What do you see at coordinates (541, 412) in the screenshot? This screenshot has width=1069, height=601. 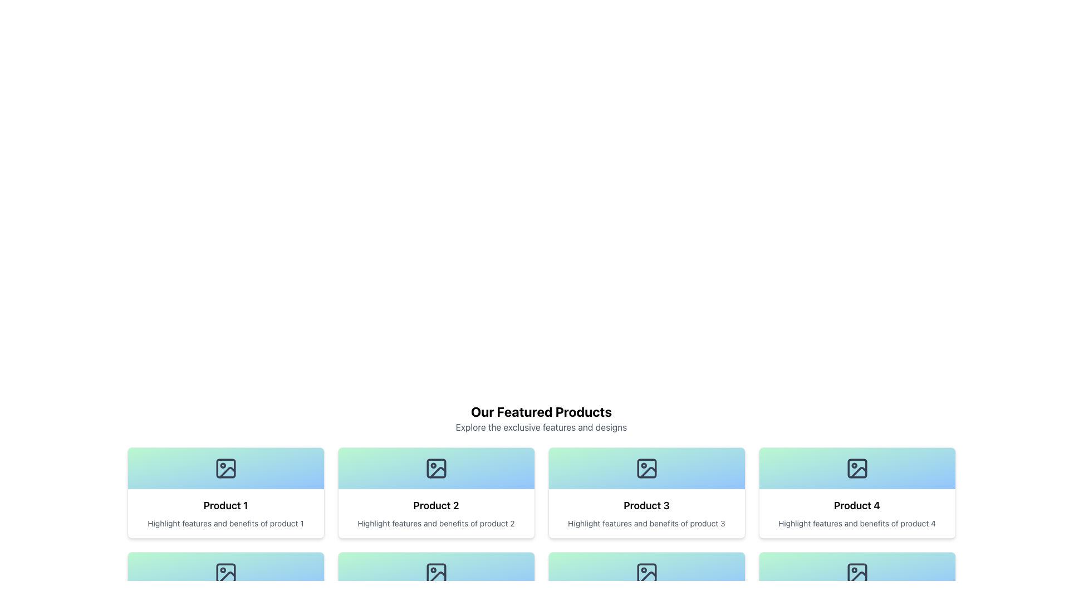 I see `the headline text element located at the top center of the section` at bounding box center [541, 412].